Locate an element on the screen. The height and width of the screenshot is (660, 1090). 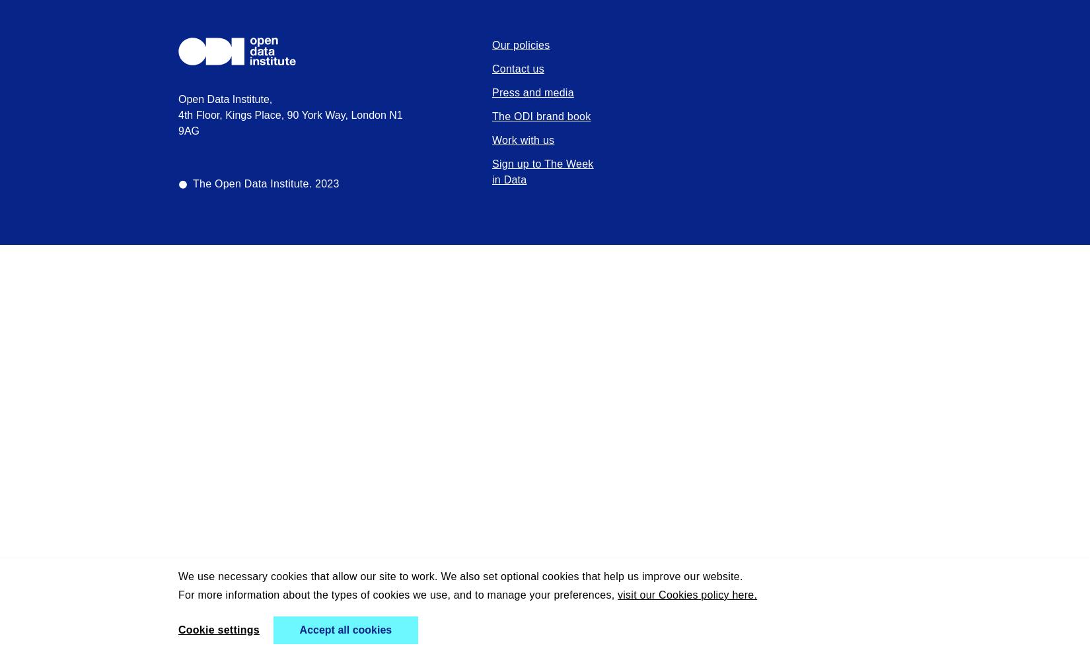
'4th Floor, Kings Place, 90 York Way, London N1 9AG' is located at coordinates (289, 123).